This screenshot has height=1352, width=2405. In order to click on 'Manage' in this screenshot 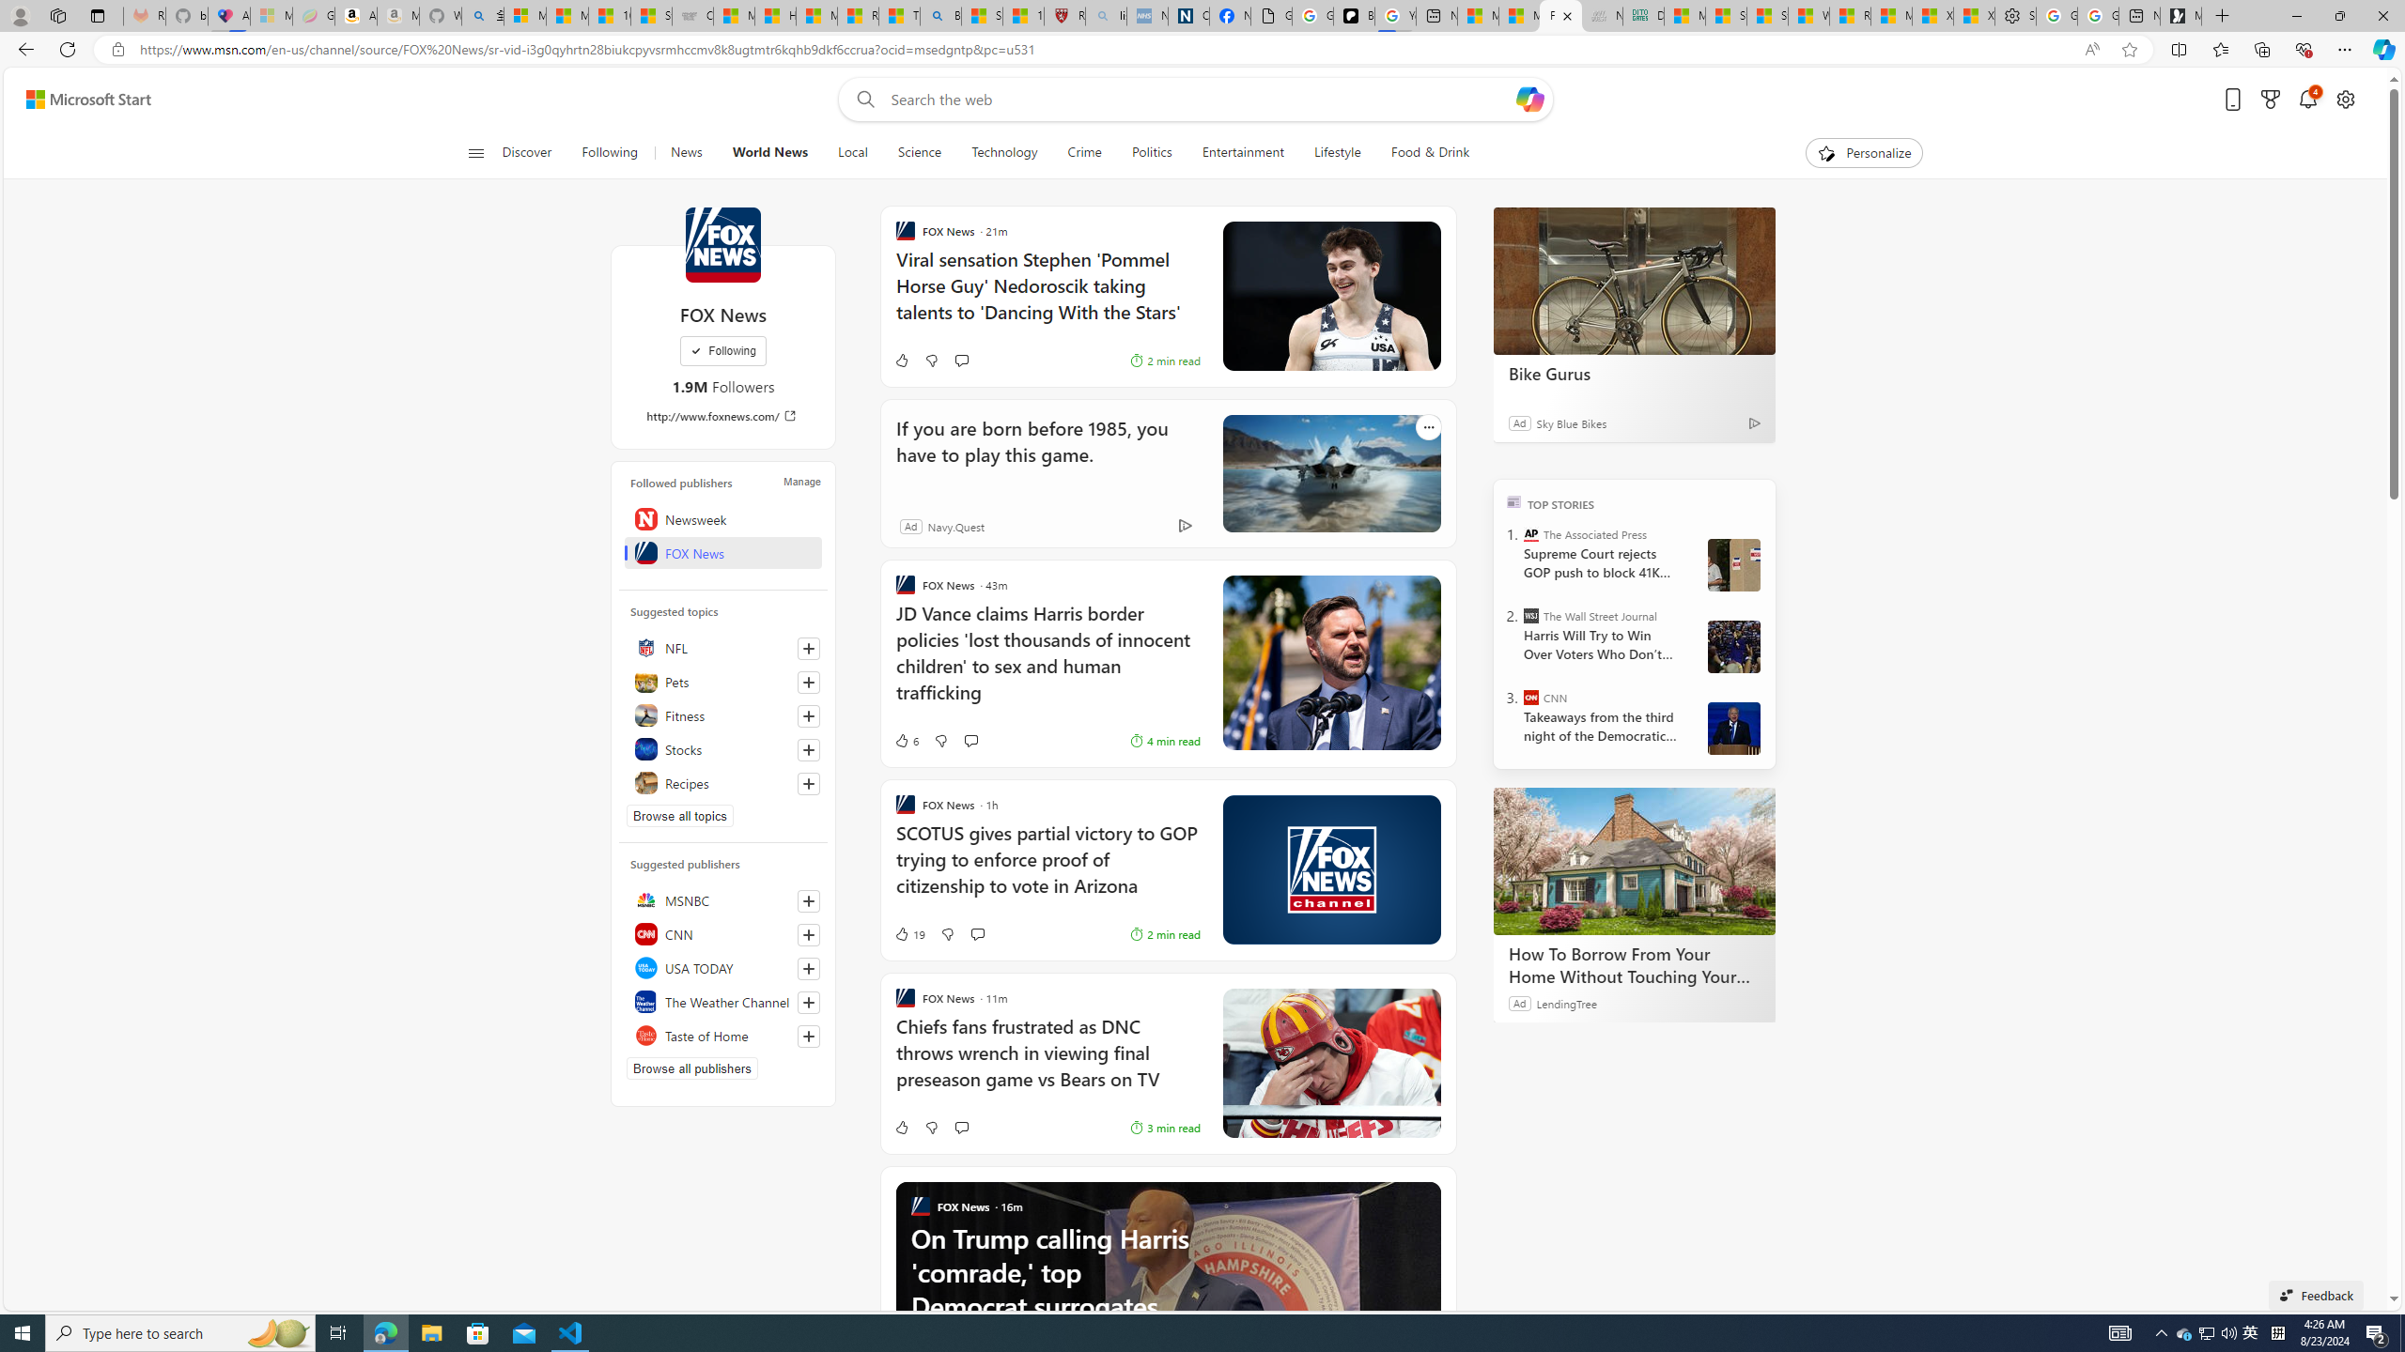, I will do `click(800, 481)`.